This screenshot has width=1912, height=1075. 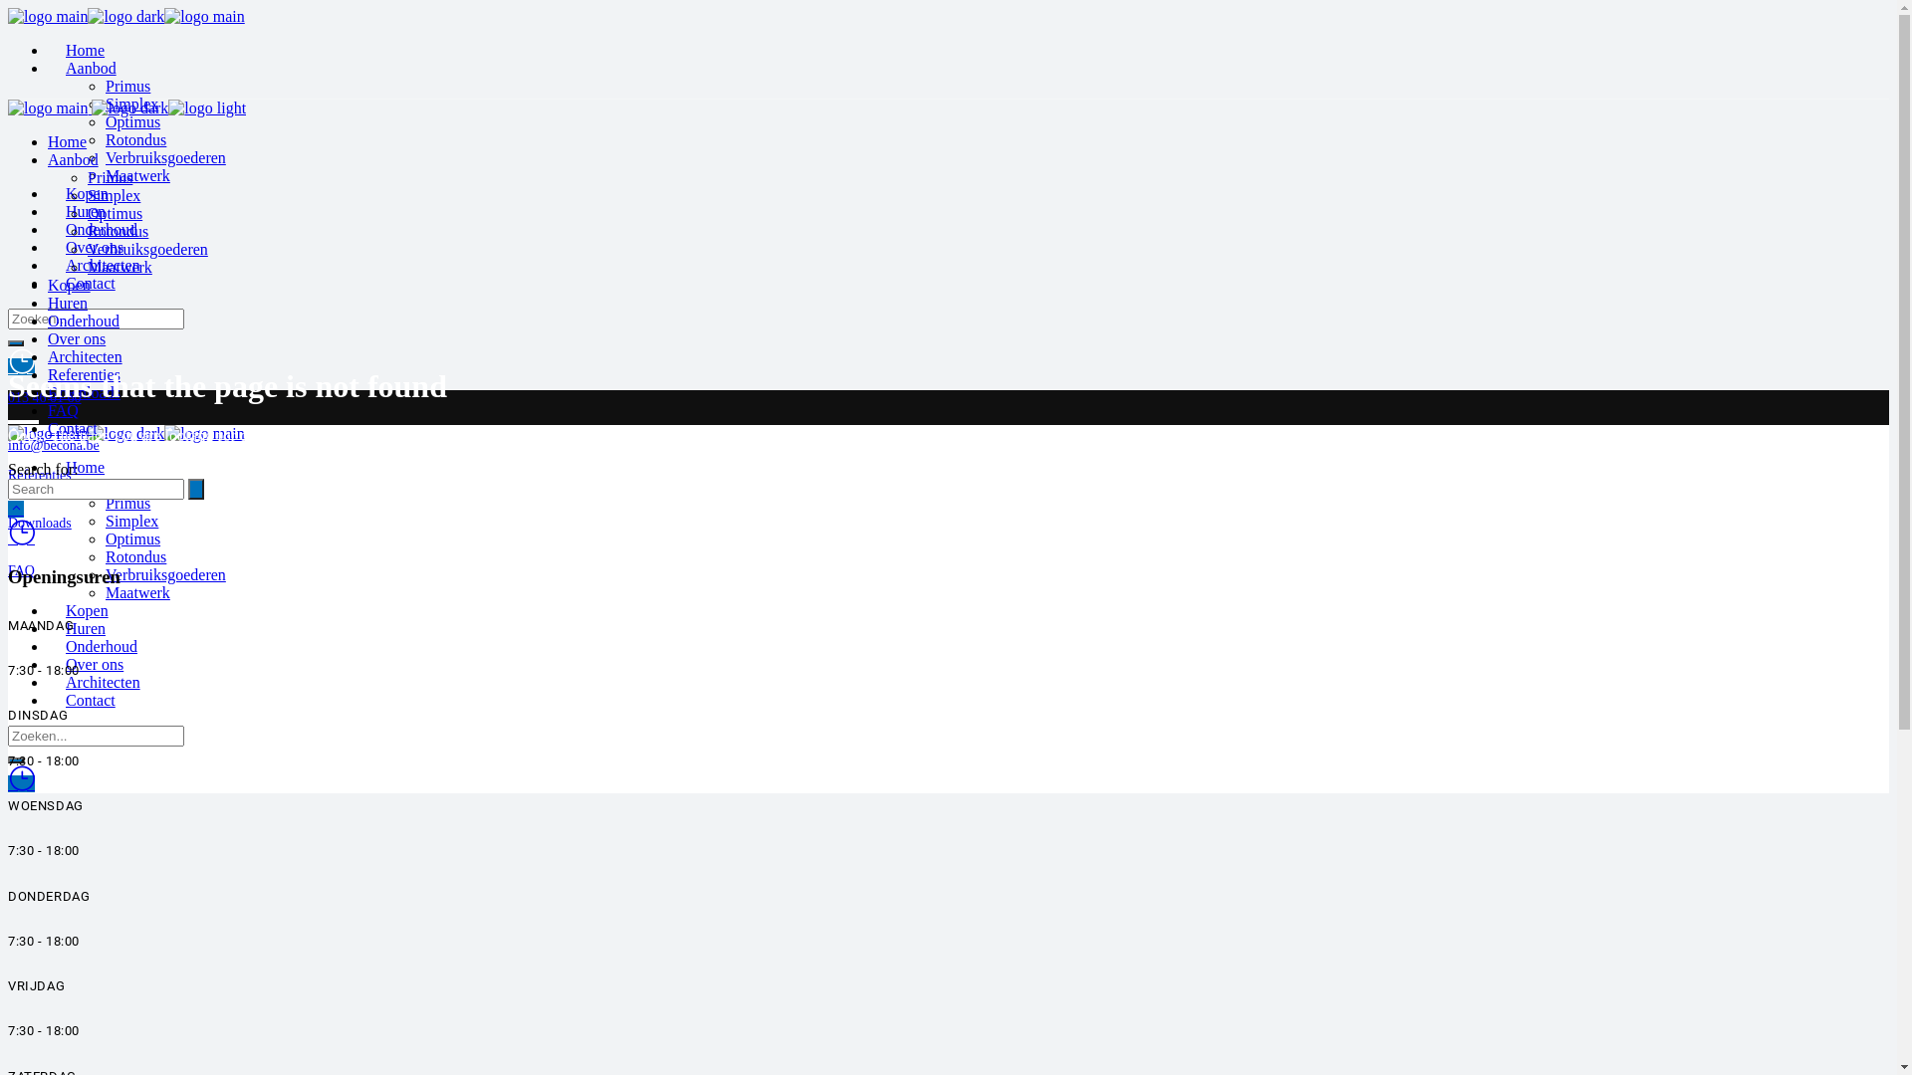 What do you see at coordinates (48, 320) in the screenshot?
I see `'Onderhoud'` at bounding box center [48, 320].